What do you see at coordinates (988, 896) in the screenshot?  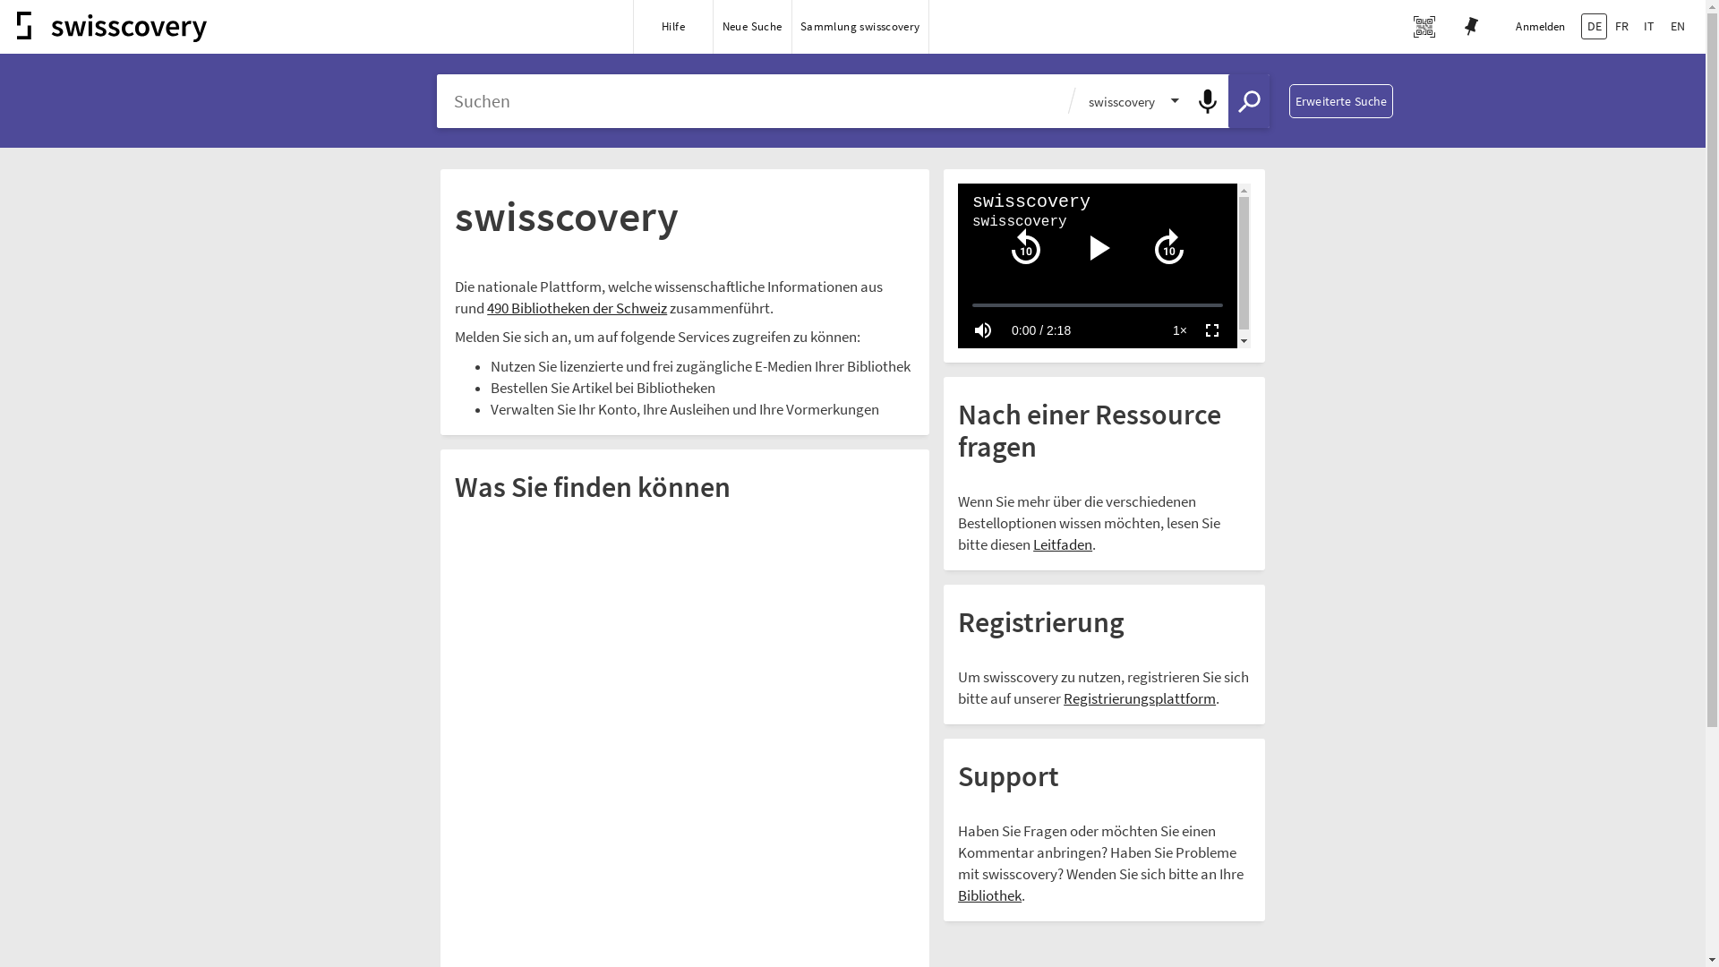 I see `'Bibliothek'` at bounding box center [988, 896].